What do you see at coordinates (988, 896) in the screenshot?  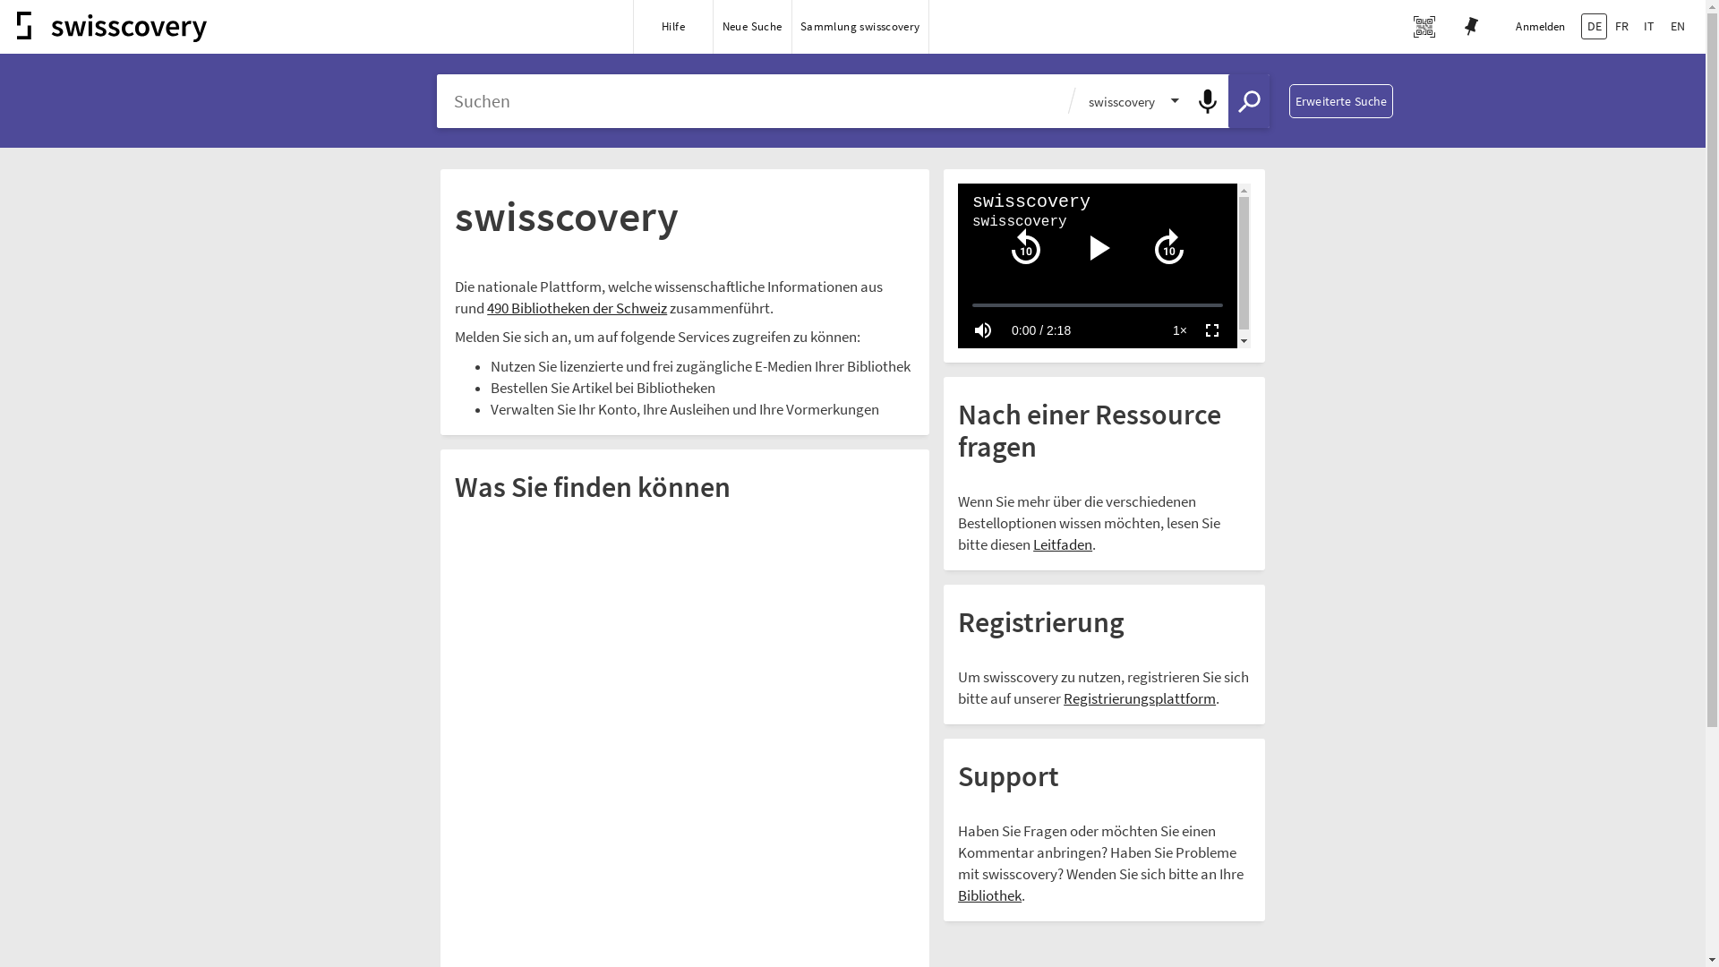 I see `'Bibliothek'` at bounding box center [988, 896].